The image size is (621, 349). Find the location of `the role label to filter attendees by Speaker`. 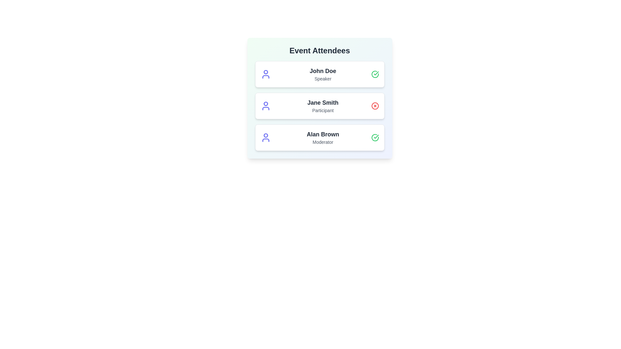

the role label to filter attendees by Speaker is located at coordinates (323, 78).